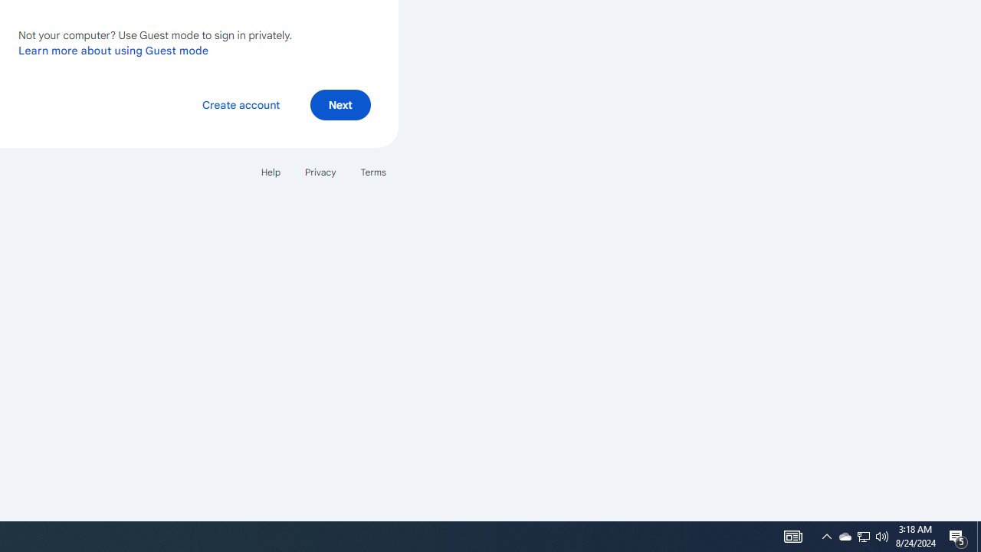  Describe the element at coordinates (113, 49) in the screenshot. I see `'Learn more about using Guest mode'` at that location.